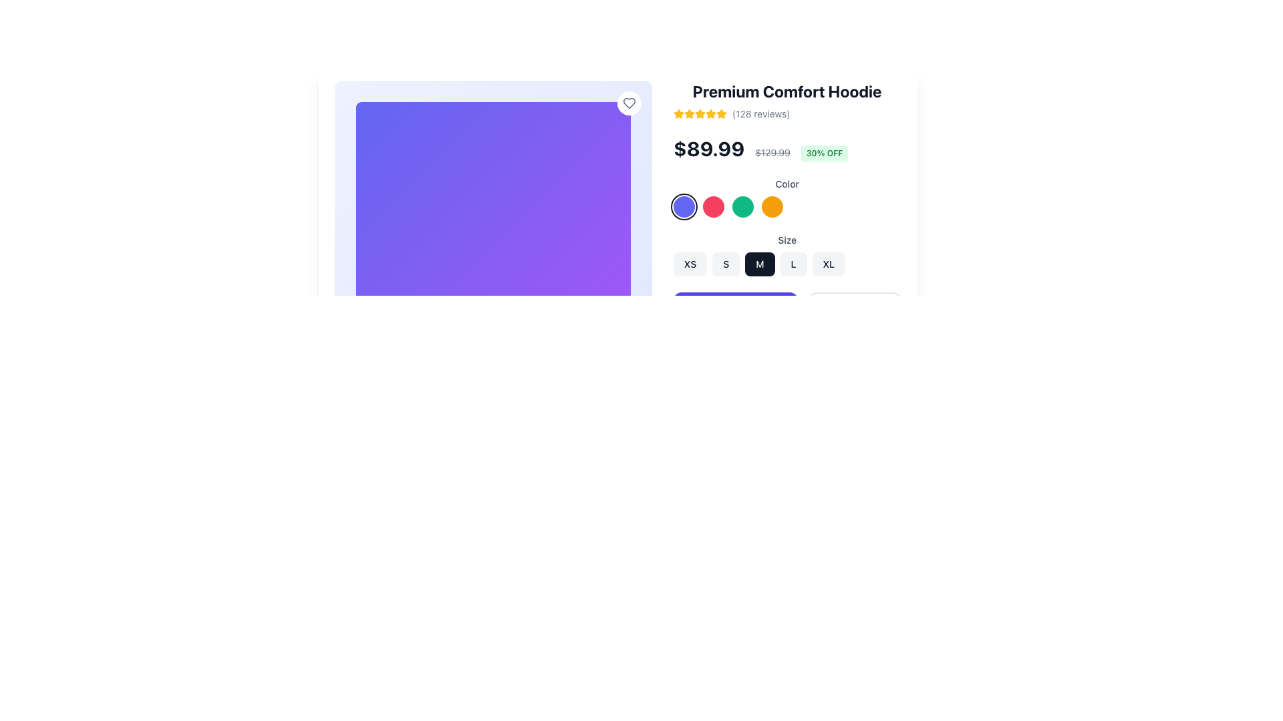 The image size is (1283, 721). I want to click on the 'XL' button, which is a rectangular button with rounded corners and labeled in darker gray text on a light gray background, located in the size selection section, so click(828, 264).